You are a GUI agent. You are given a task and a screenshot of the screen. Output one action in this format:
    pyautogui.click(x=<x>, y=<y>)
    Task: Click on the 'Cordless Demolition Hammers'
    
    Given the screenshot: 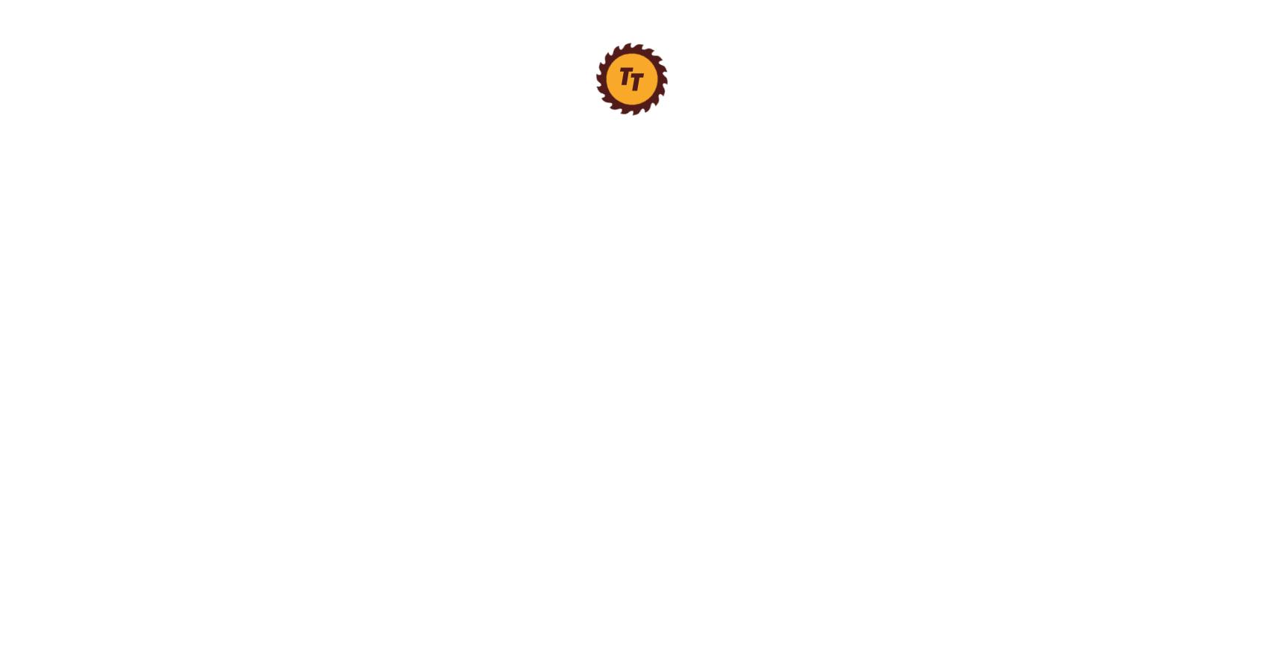 What is the action you would take?
    pyautogui.click(x=170, y=91)
    